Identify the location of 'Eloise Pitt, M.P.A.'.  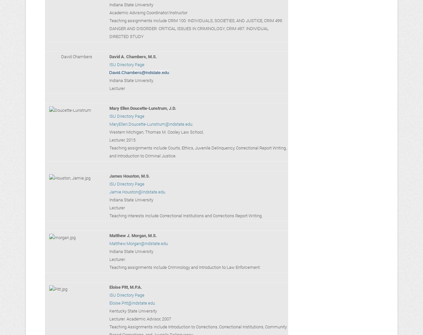
(125, 287).